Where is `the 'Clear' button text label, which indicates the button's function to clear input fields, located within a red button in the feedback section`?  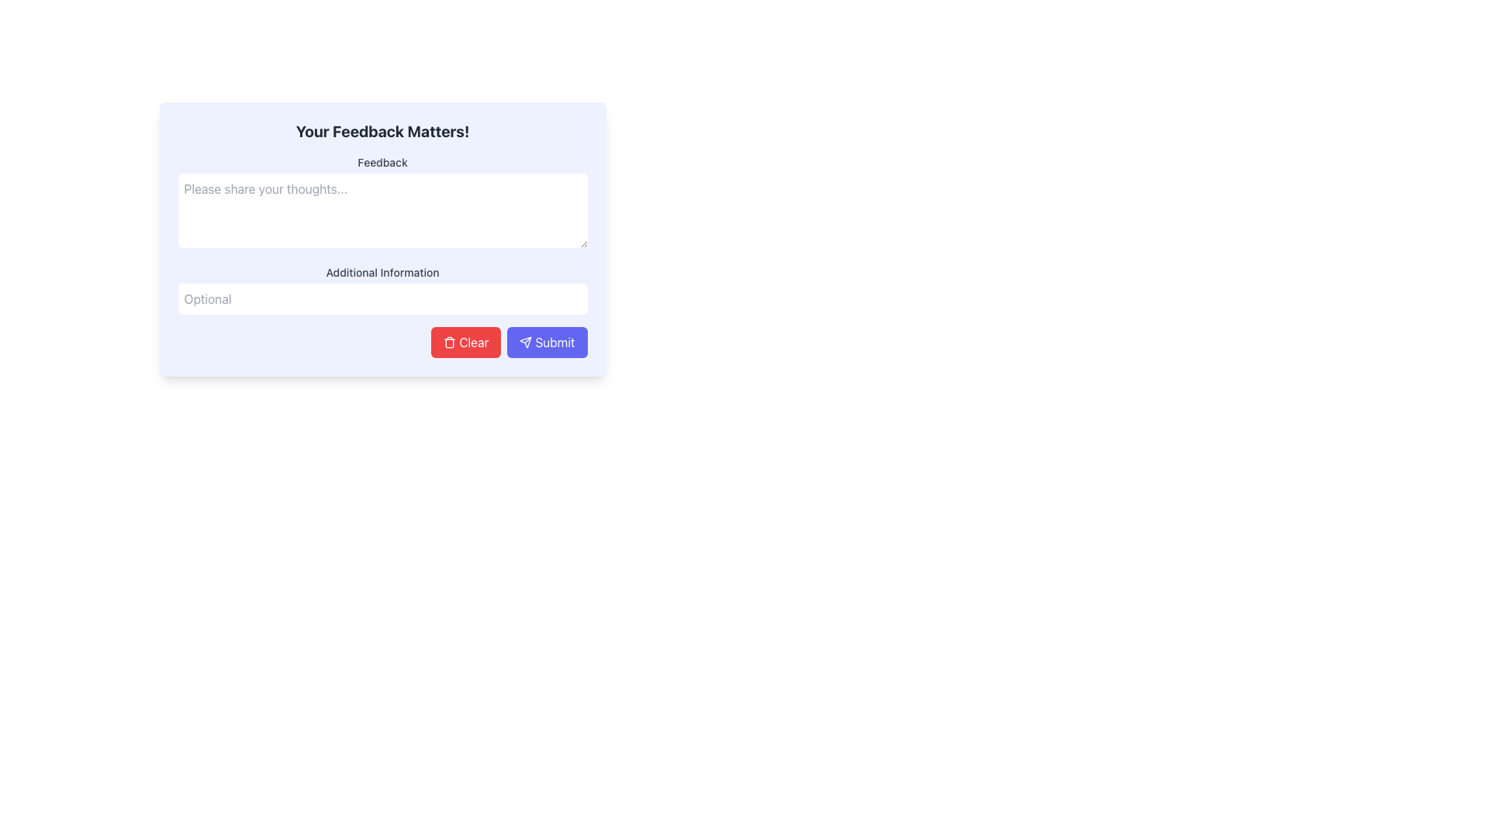 the 'Clear' button text label, which indicates the button's function to clear input fields, located within a red button in the feedback section is located at coordinates (473, 342).